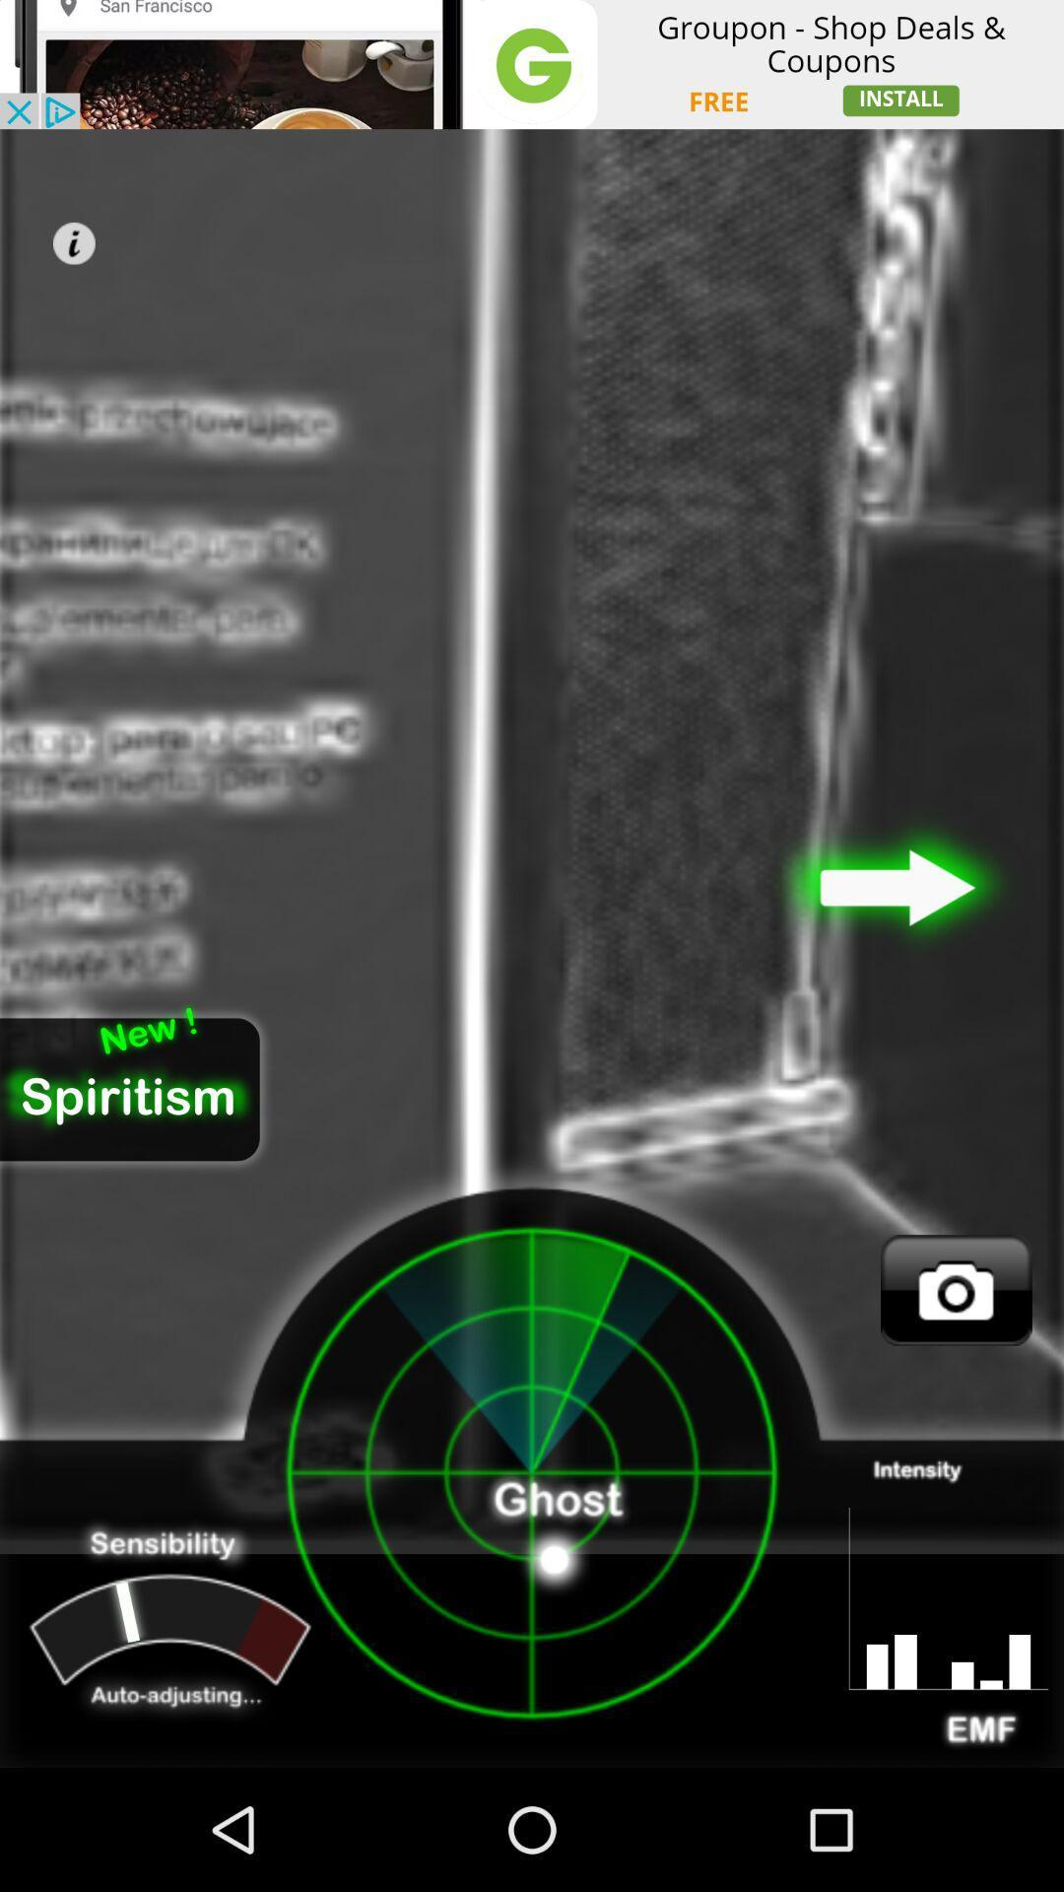  What do you see at coordinates (73, 259) in the screenshot?
I see `the info icon` at bounding box center [73, 259].